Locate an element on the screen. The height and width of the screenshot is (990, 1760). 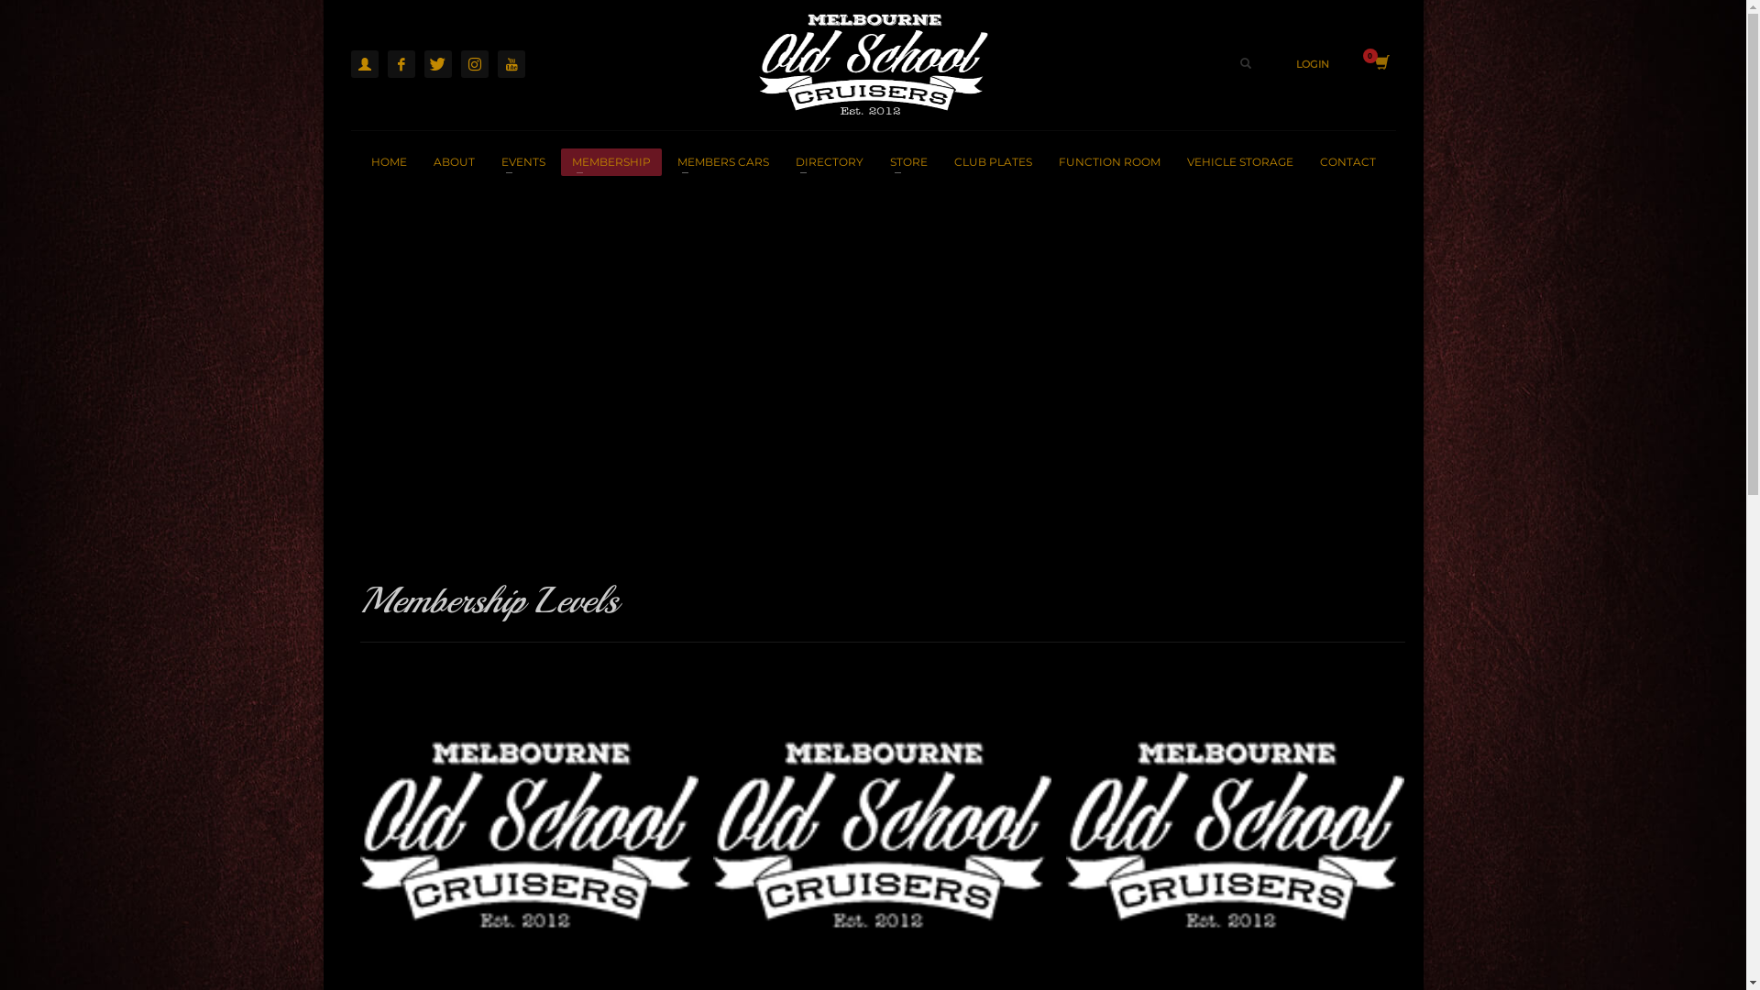
'ABOUT' is located at coordinates (453, 160).